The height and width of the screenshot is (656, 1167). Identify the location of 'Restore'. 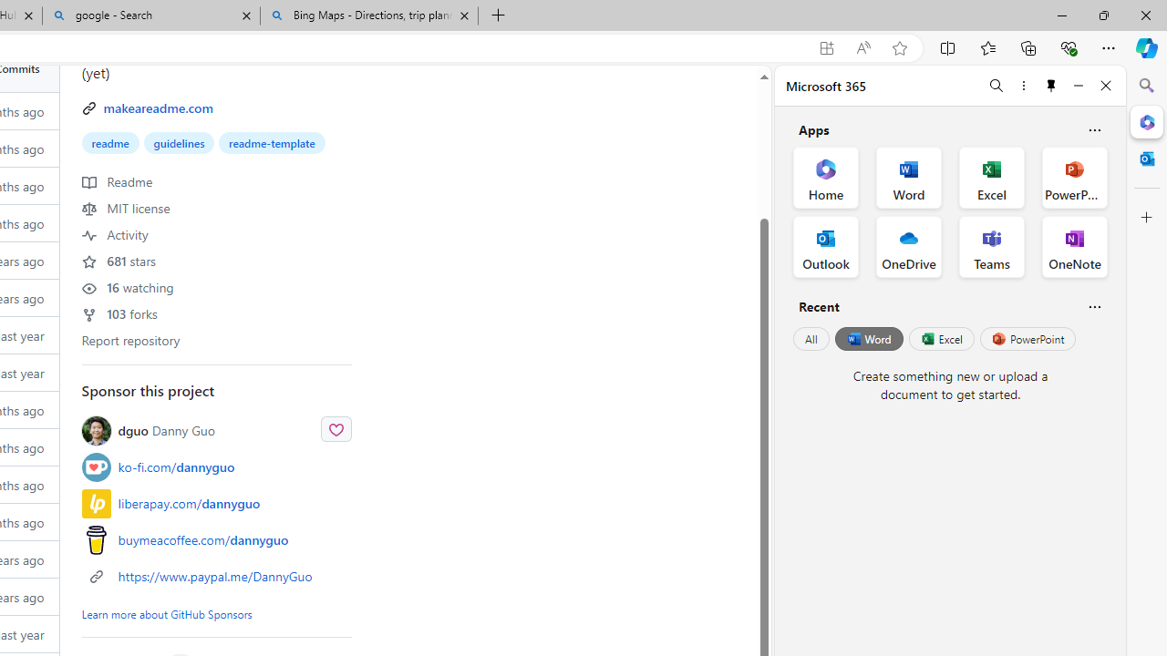
(1102, 15).